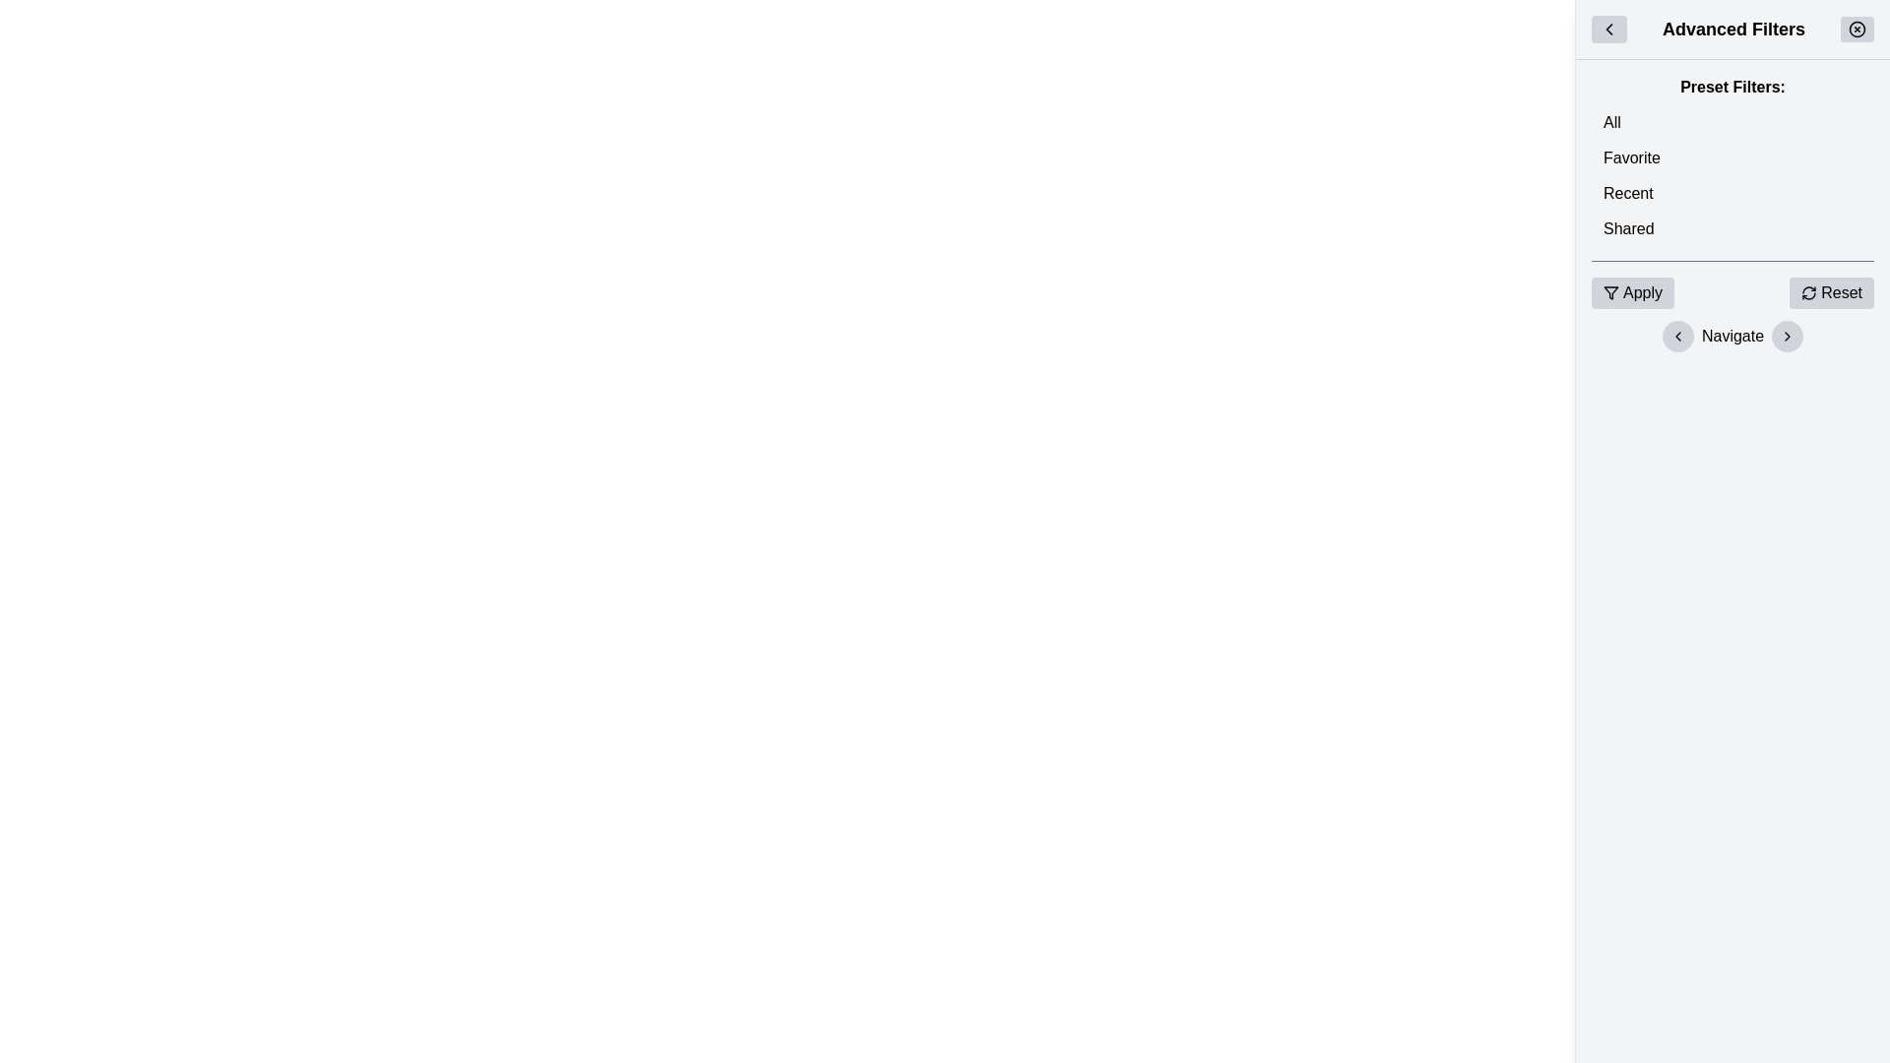  Describe the element at coordinates (1633, 292) in the screenshot. I see `the 'Apply' button located in the top-right corner of the panel to apply the filters` at that location.